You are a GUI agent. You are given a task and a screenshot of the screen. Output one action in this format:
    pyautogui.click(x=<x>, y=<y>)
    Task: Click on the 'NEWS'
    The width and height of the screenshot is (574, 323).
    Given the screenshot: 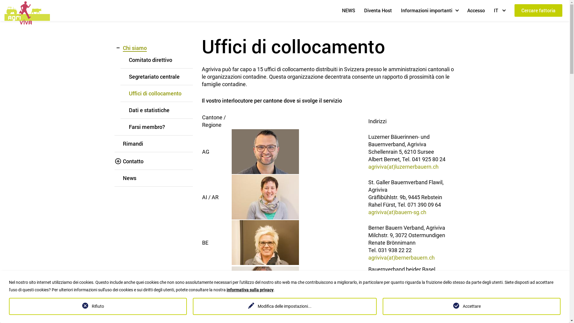 What is the action you would take?
    pyautogui.click(x=349, y=10)
    